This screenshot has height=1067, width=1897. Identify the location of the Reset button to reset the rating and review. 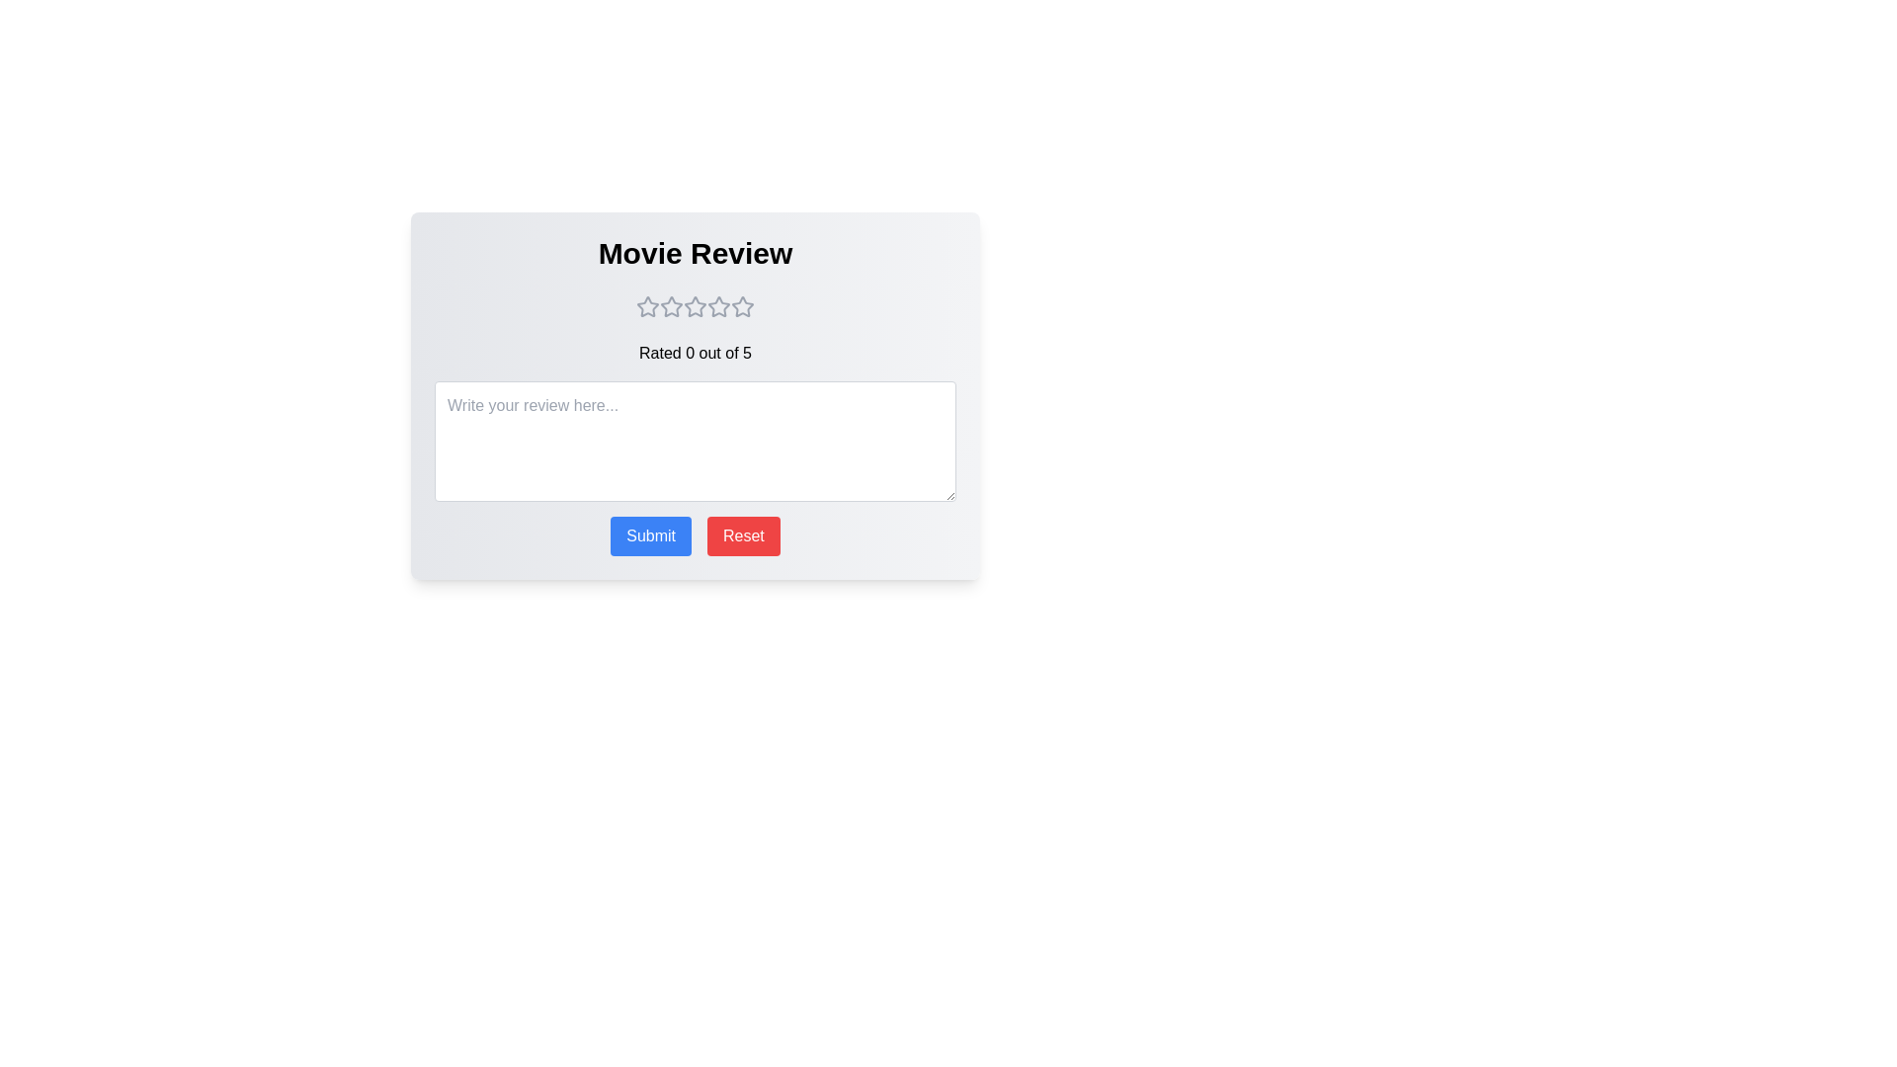
(742, 536).